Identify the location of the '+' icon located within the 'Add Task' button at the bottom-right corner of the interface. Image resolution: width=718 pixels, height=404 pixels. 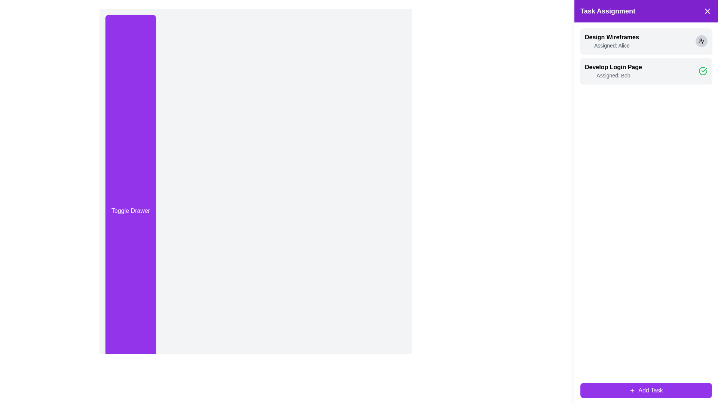
(632, 390).